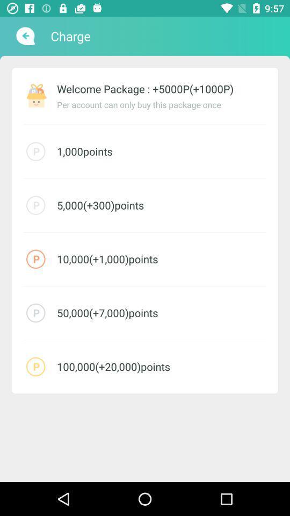  Describe the element at coordinates (24, 36) in the screenshot. I see `go back` at that location.